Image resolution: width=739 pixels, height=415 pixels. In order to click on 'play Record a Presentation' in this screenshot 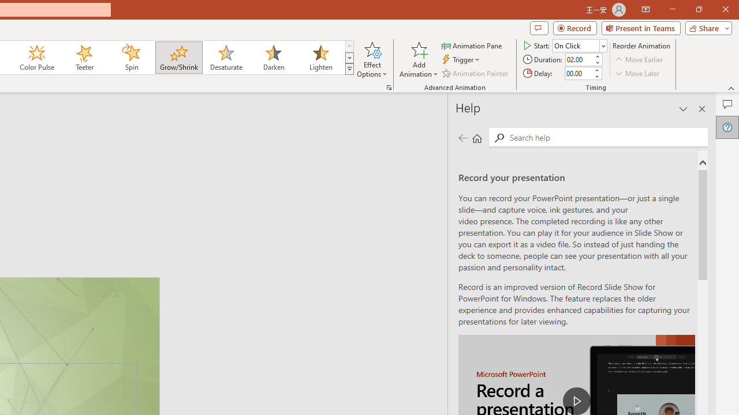, I will do `click(577, 400)`.